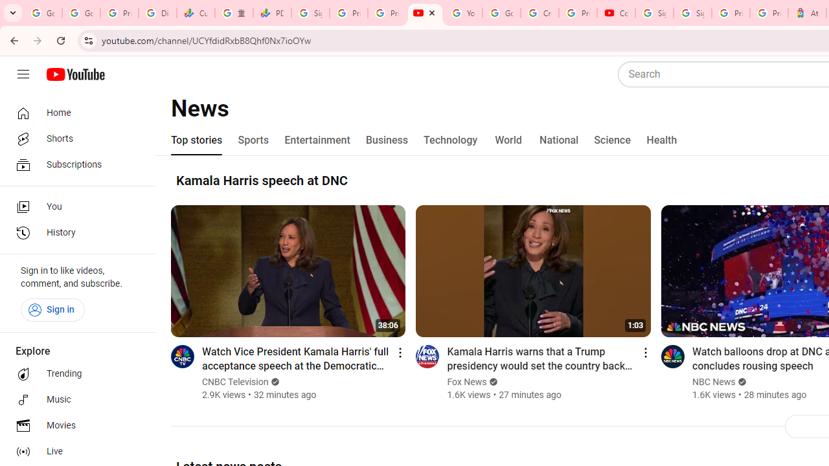 The height and width of the screenshot is (466, 829). What do you see at coordinates (196, 140) in the screenshot?
I see `'Top stories'` at bounding box center [196, 140].